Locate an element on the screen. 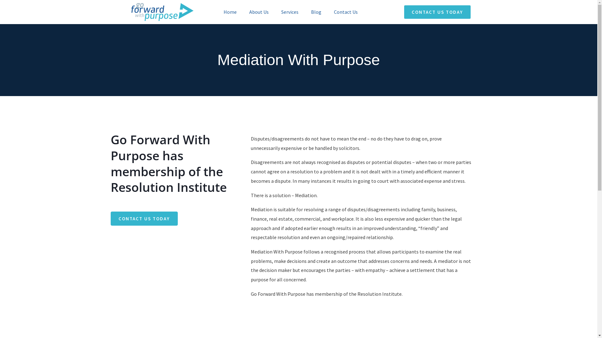 The width and height of the screenshot is (602, 338). 'About Us' is located at coordinates (259, 12).